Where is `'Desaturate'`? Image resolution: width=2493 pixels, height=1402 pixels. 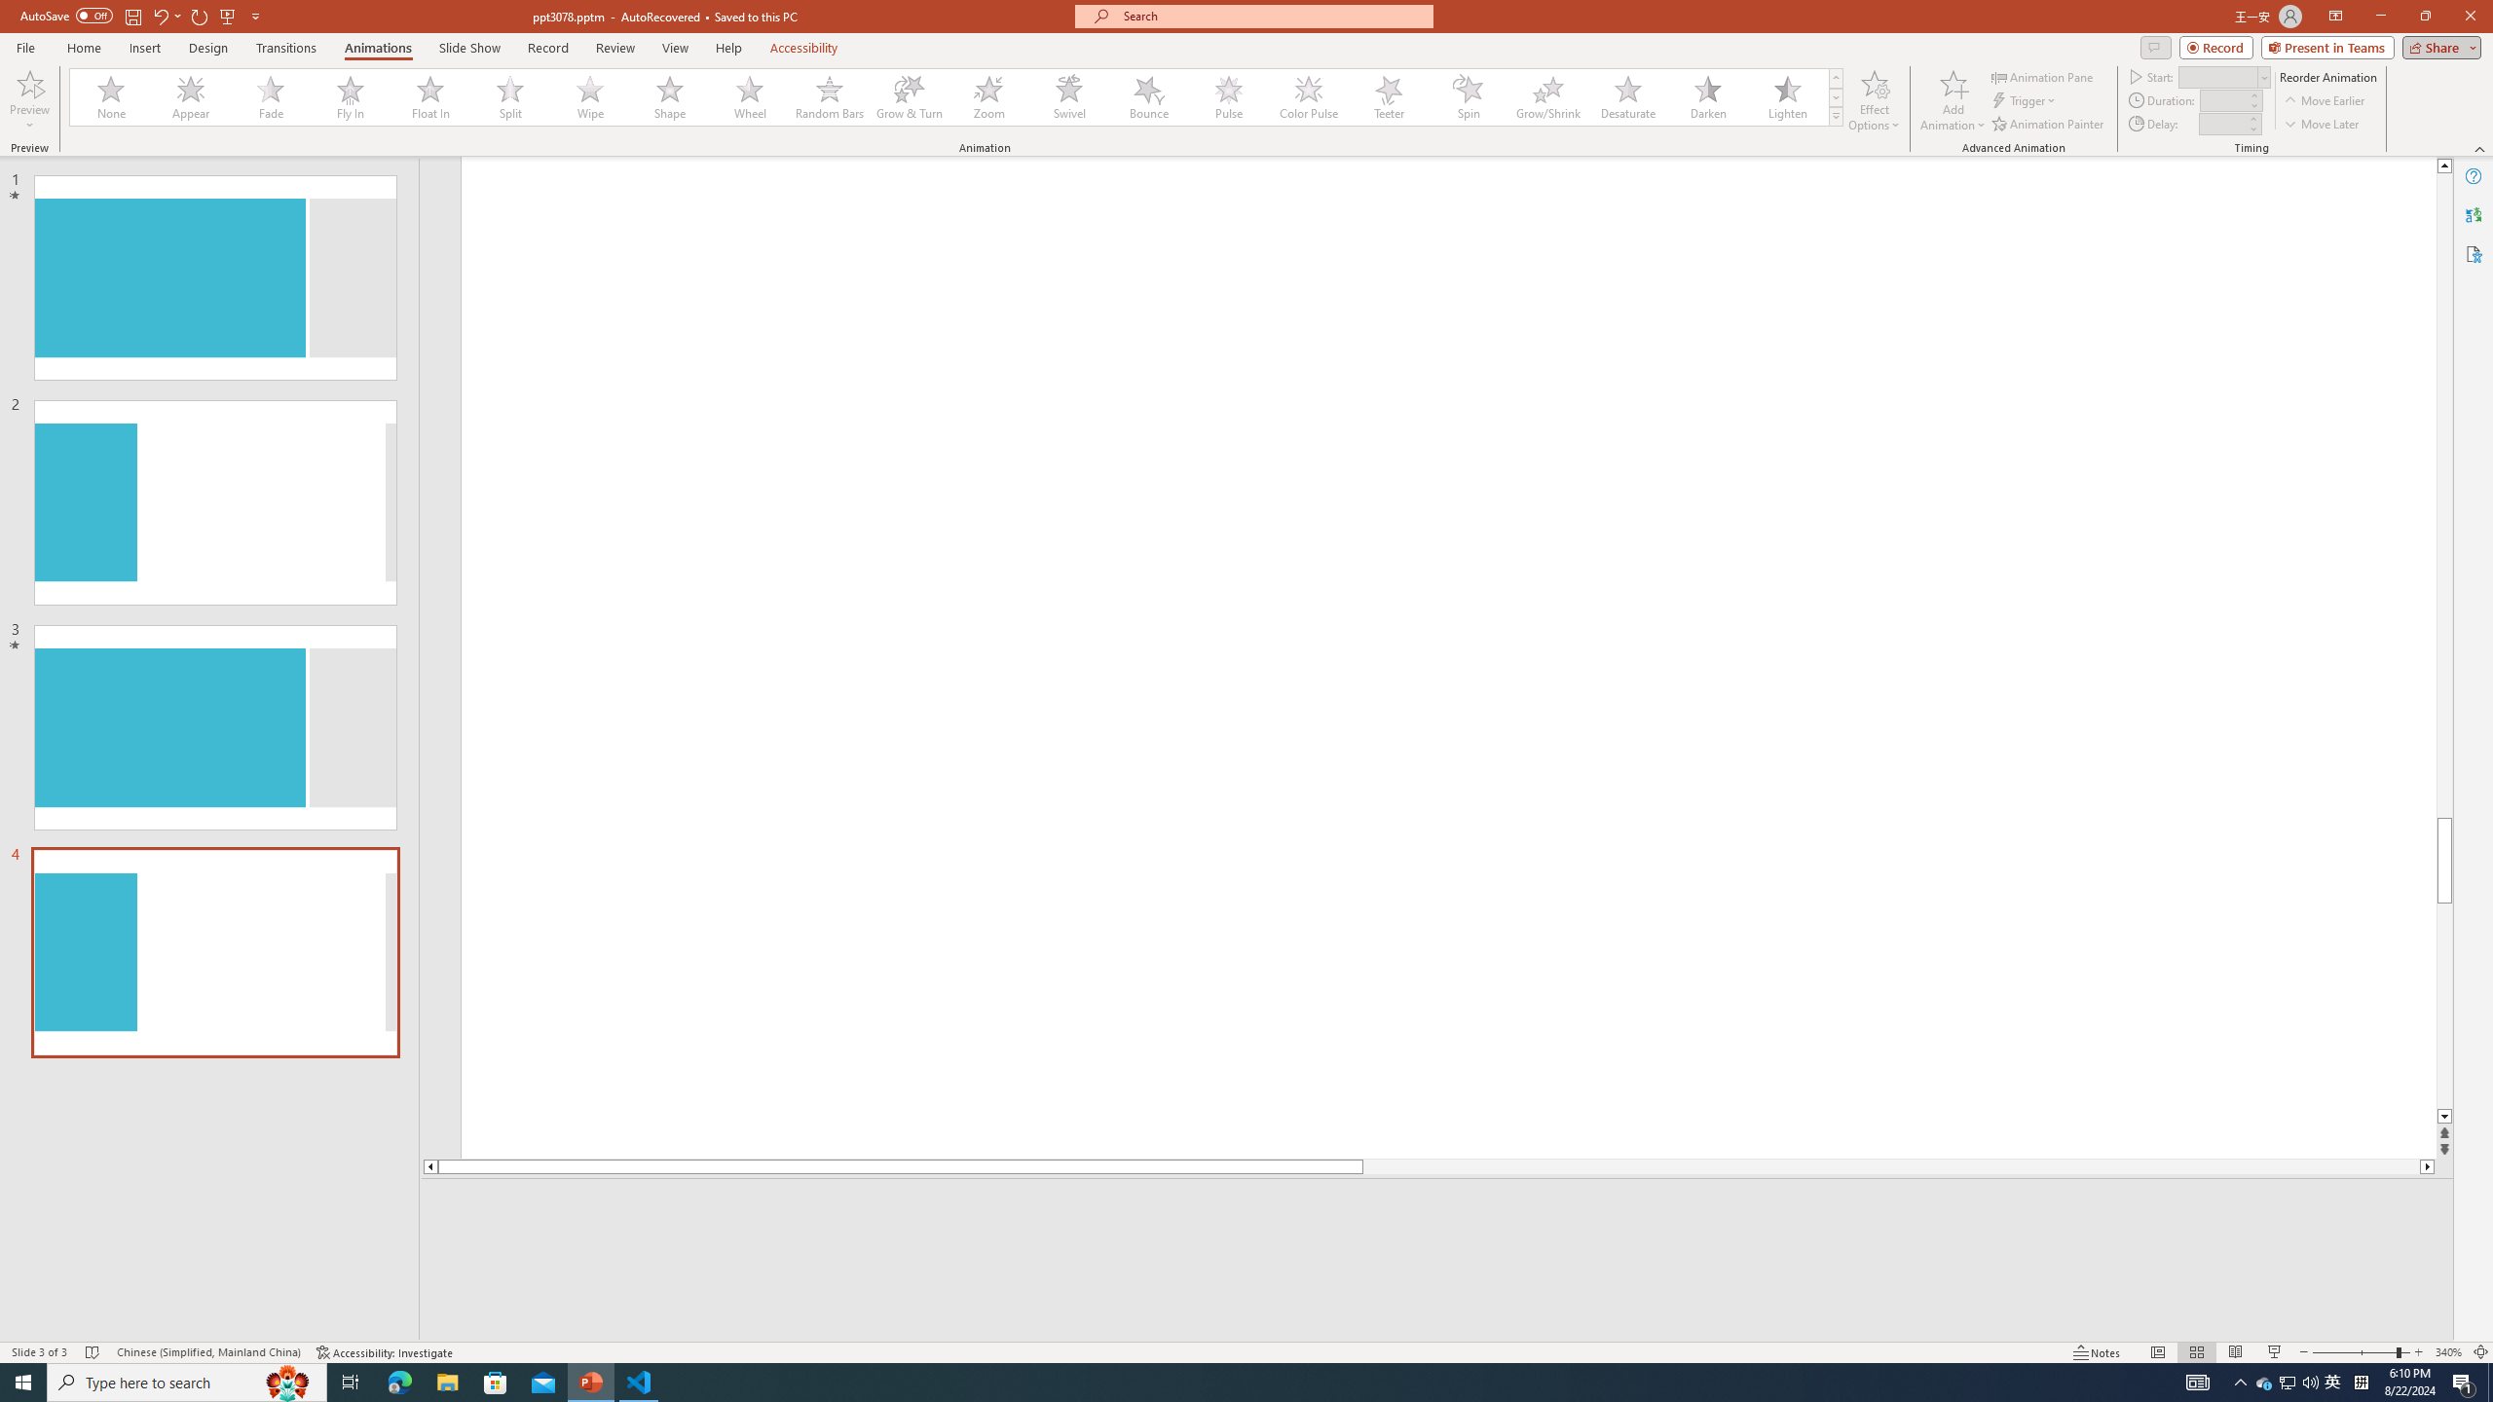 'Desaturate' is located at coordinates (1627, 96).